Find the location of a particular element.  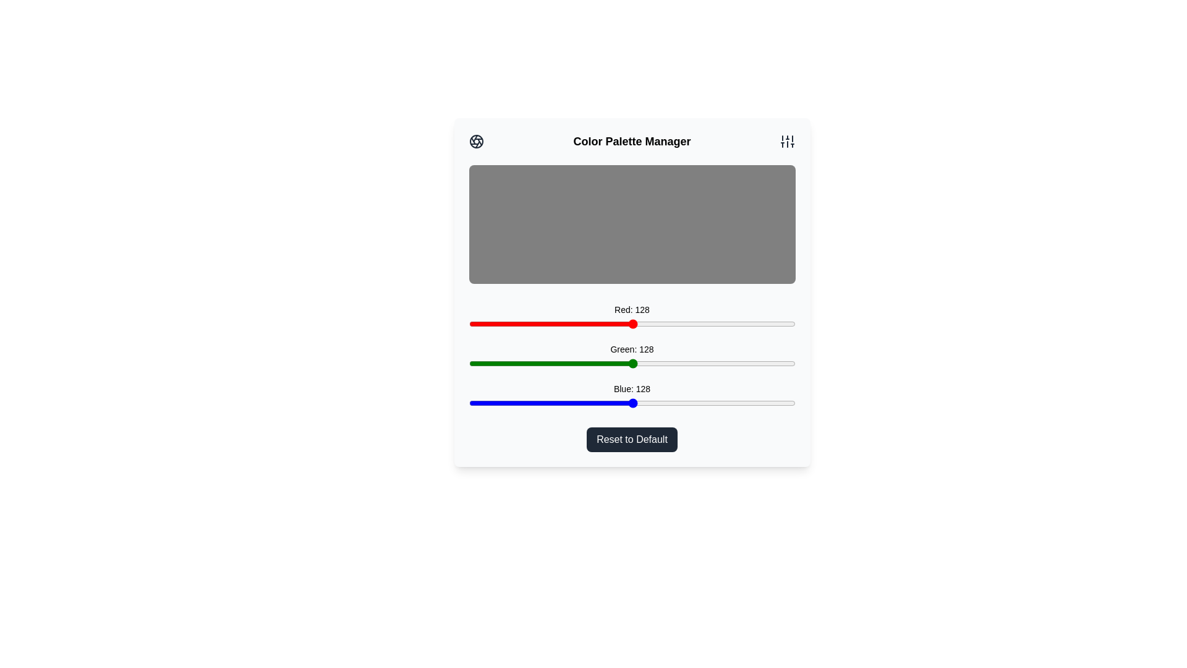

the green slider to set the green intensity to 83 is located at coordinates (574, 362).